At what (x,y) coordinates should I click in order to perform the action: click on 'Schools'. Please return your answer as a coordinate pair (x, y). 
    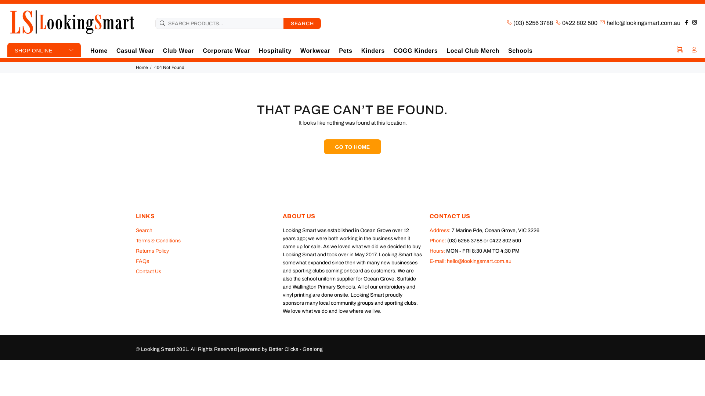
    Looking at the image, I should click on (518, 50).